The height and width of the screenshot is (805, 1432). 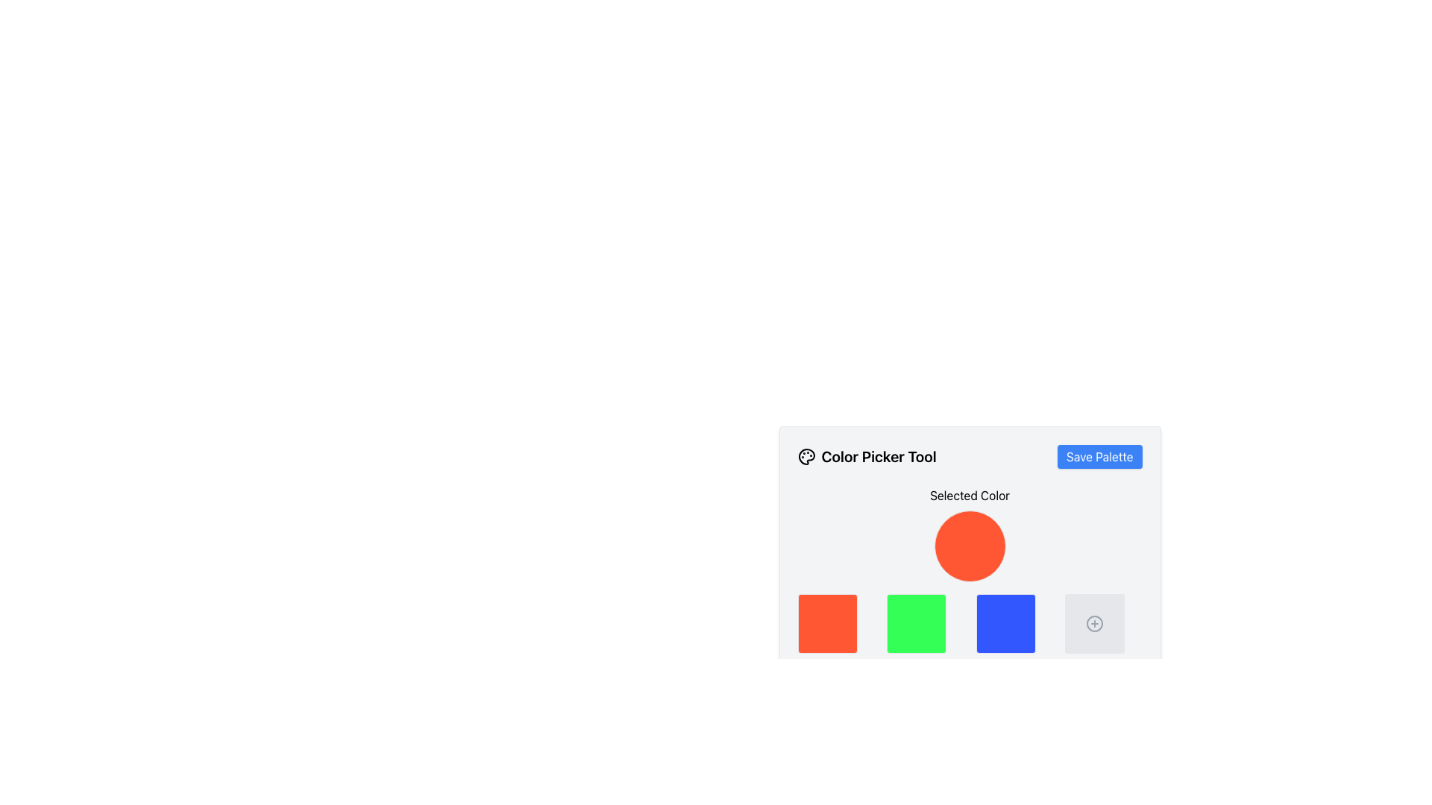 I want to click on the painter's palette icon located near the top-left section of the application interface, adjacent to the title 'Color Picker Tool', so click(x=805, y=456).